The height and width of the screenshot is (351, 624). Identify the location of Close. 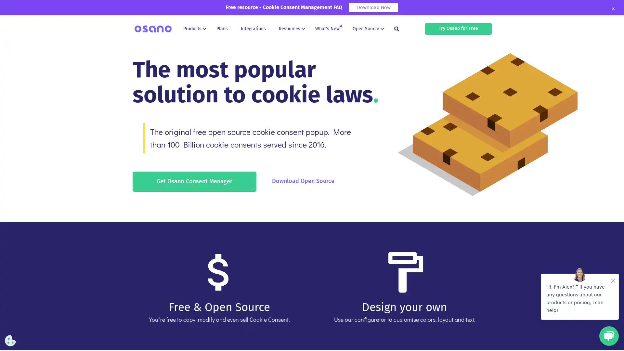
(613, 9).